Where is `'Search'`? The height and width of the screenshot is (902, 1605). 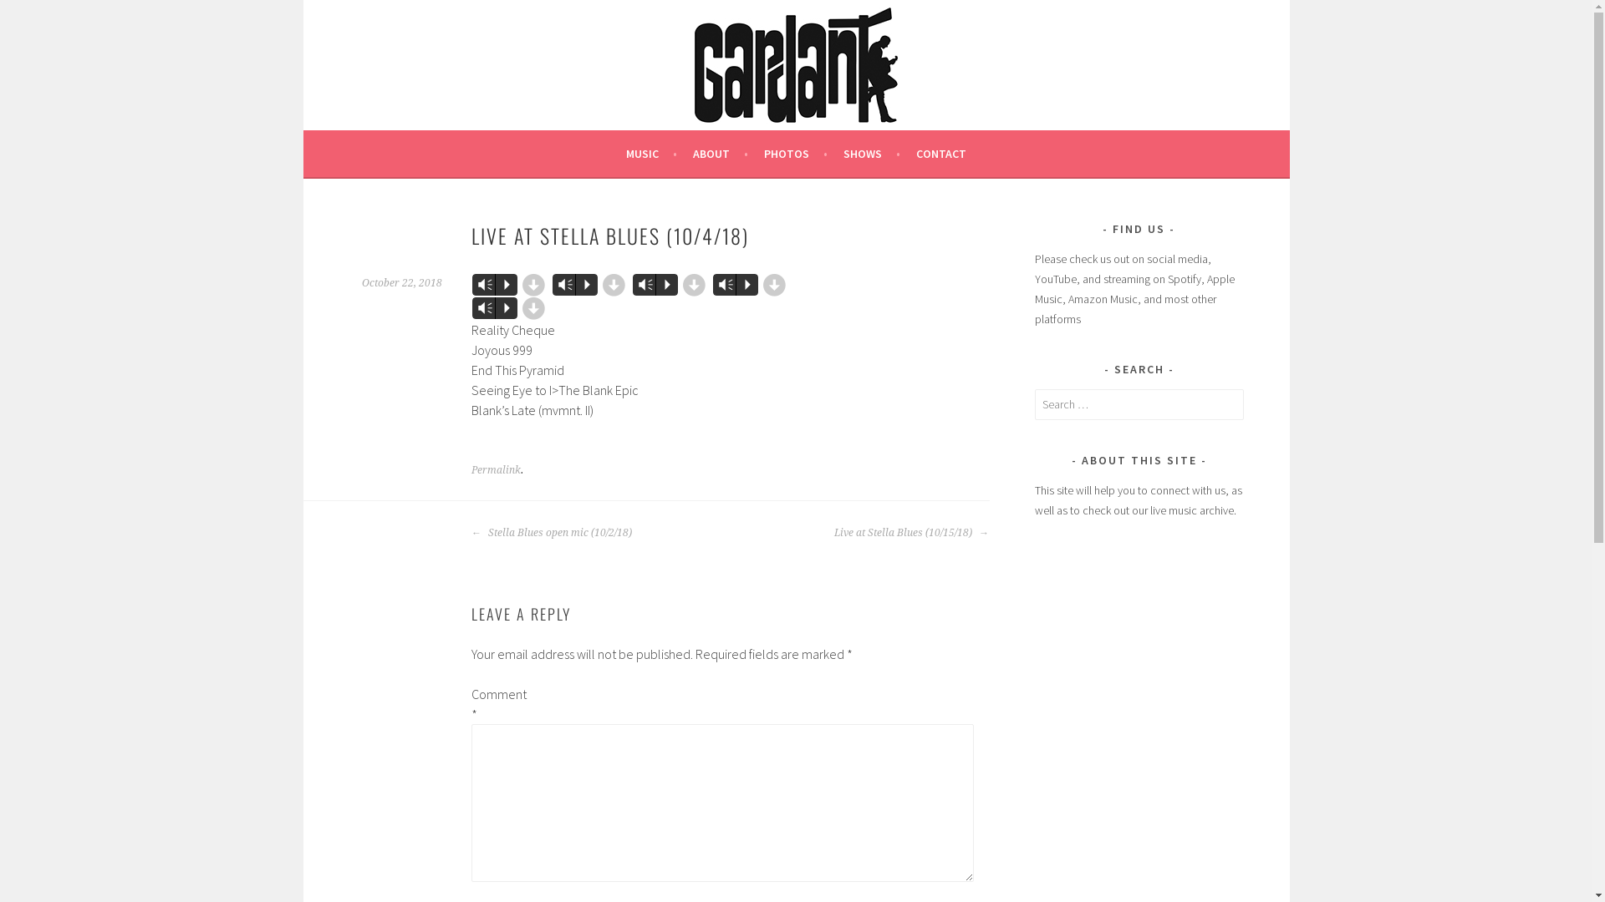 'Search' is located at coordinates (0, 15).